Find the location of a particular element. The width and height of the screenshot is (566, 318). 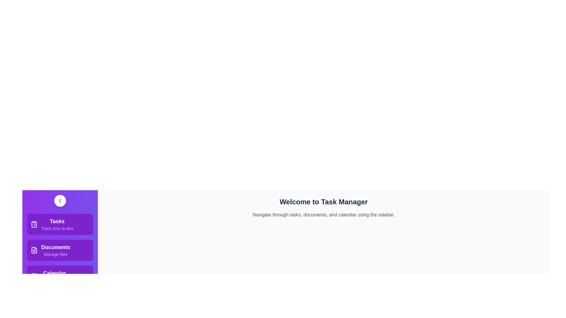

the menu item Tasks to observe the hover effect is located at coordinates (60, 224).